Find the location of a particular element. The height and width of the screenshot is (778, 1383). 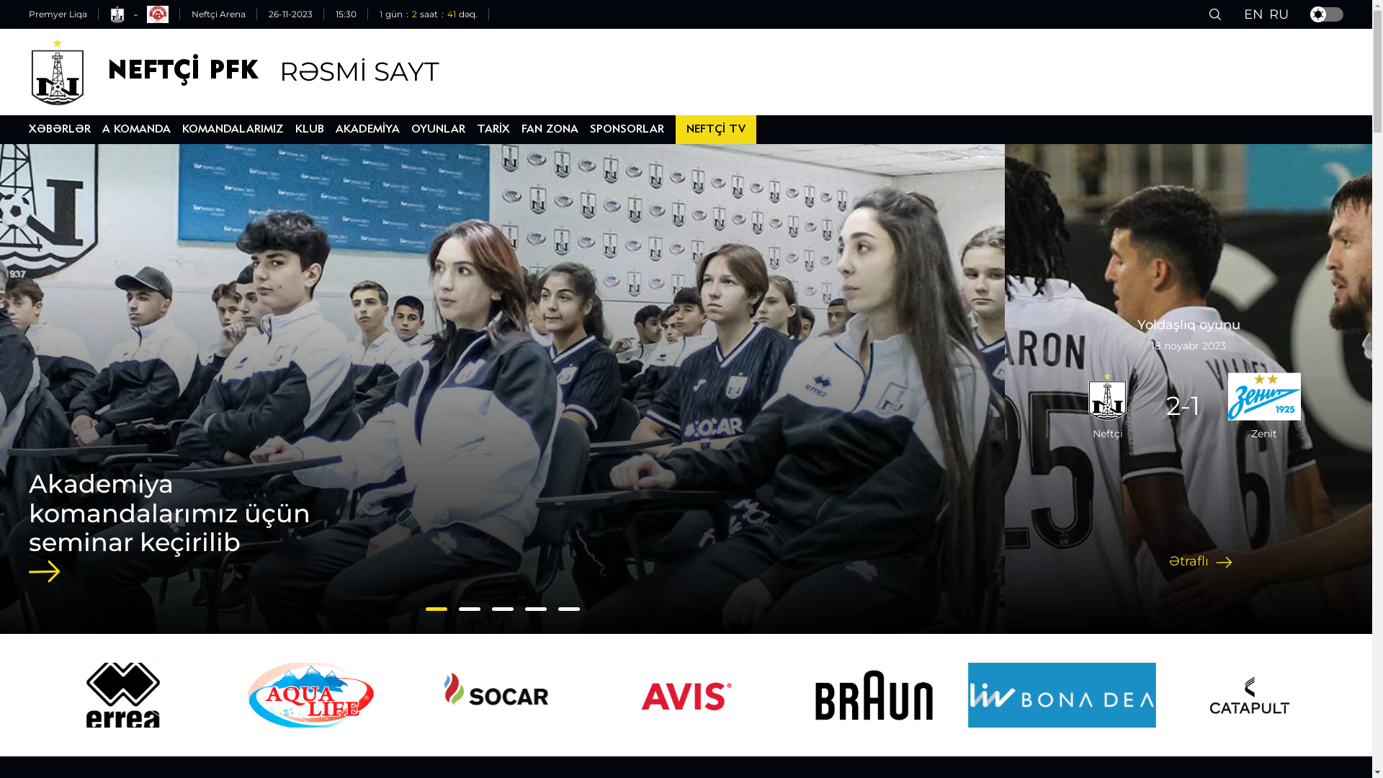

'EN' is located at coordinates (1243, 14).